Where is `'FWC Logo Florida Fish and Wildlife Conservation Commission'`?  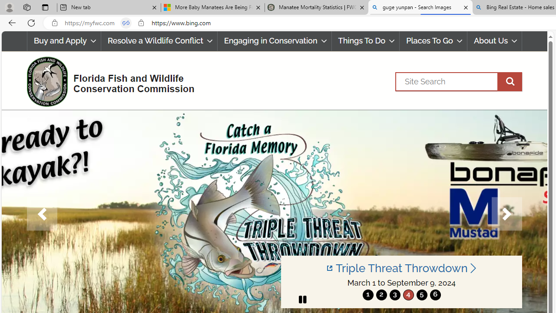 'FWC Logo Florida Fish and Wildlife Conservation Commission' is located at coordinates (106, 80).